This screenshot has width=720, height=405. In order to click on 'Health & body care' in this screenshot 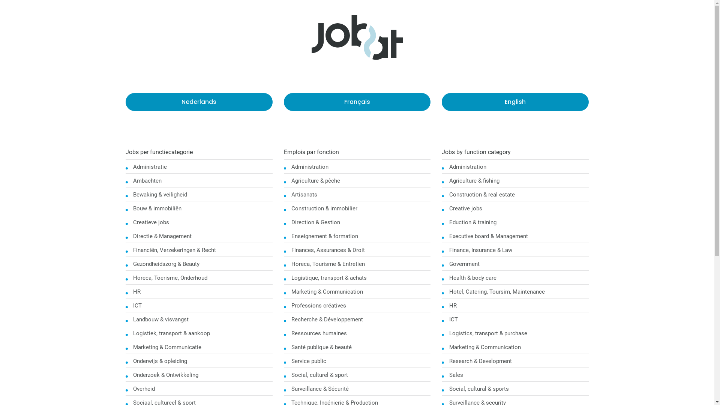, I will do `click(449, 277)`.